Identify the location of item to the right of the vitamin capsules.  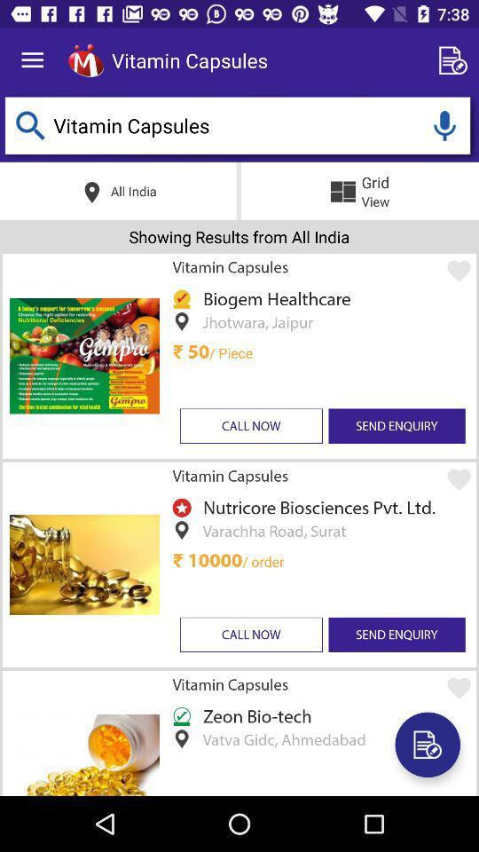
(456, 60).